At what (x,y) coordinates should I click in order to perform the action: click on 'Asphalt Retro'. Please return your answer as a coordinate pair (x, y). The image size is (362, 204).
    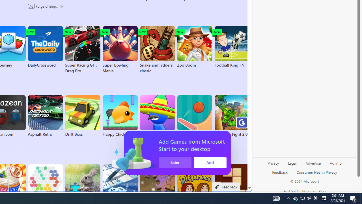
    Looking at the image, I should click on (45, 116).